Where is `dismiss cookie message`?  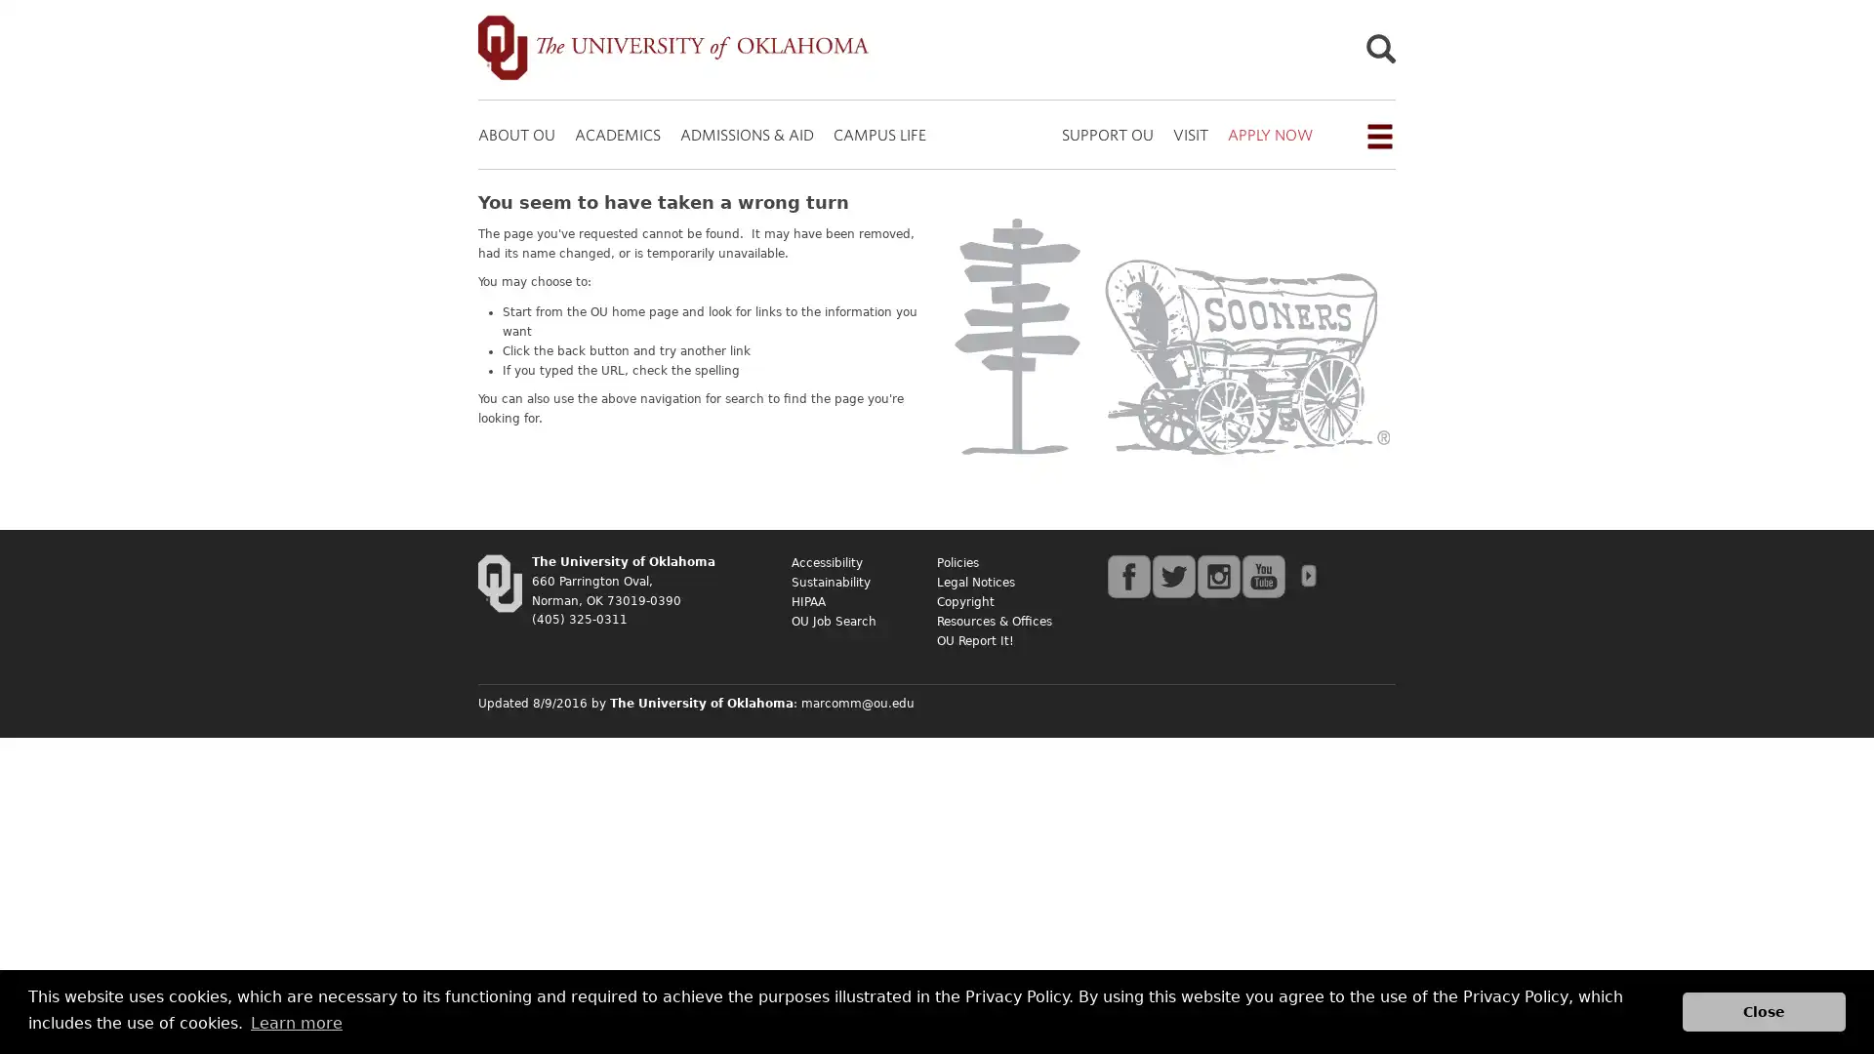
dismiss cookie message is located at coordinates (1764, 1010).